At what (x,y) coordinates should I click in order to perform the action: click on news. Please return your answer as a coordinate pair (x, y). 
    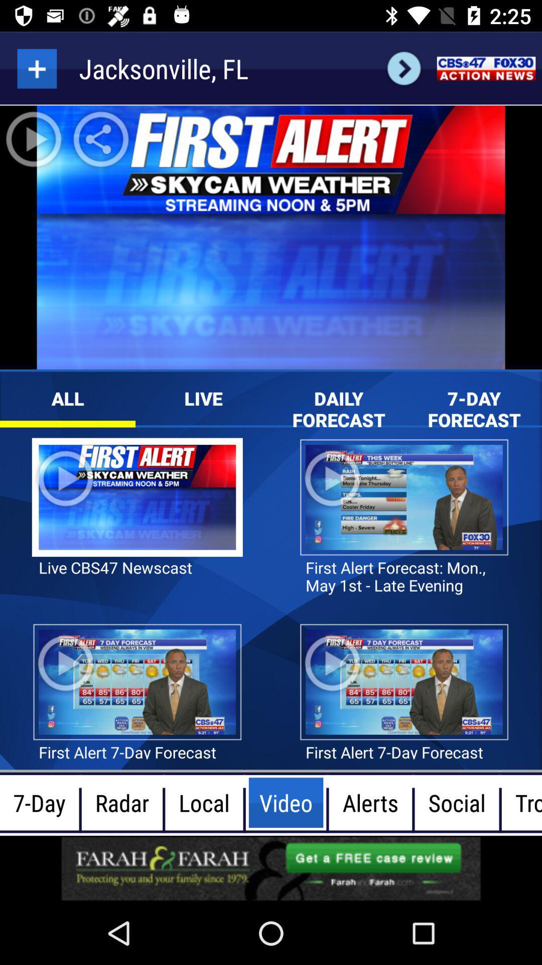
    Looking at the image, I should click on (485, 68).